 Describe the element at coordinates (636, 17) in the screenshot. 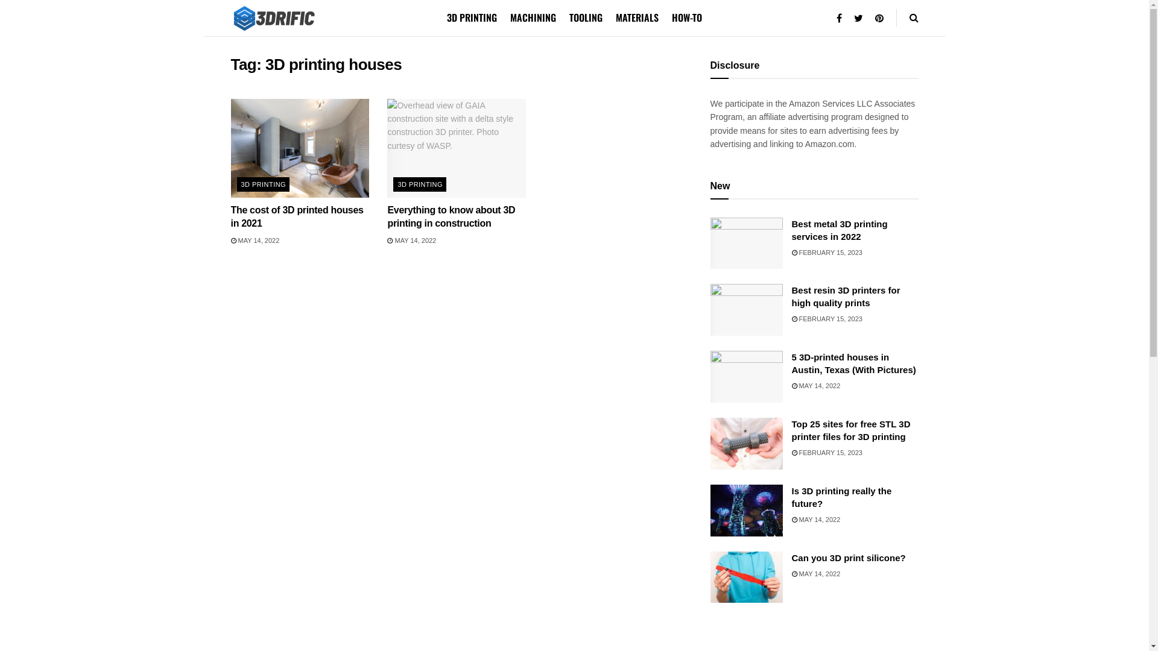

I see `'MATERIALS'` at that location.